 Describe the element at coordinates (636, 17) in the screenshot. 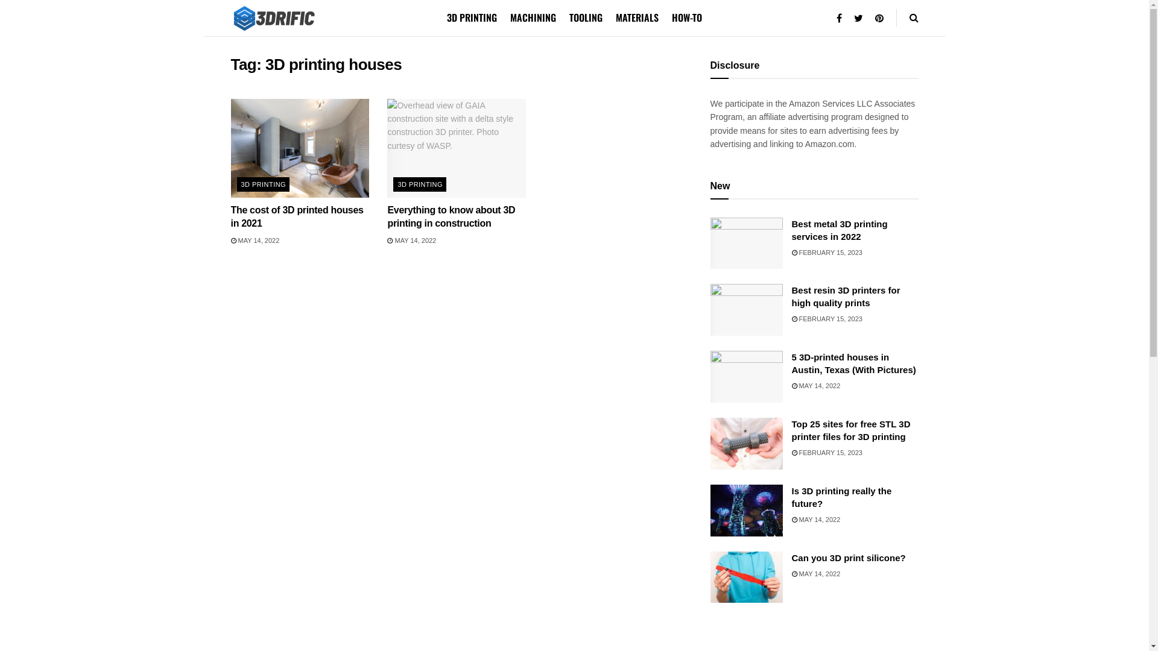

I see `'MATERIALS'` at that location.